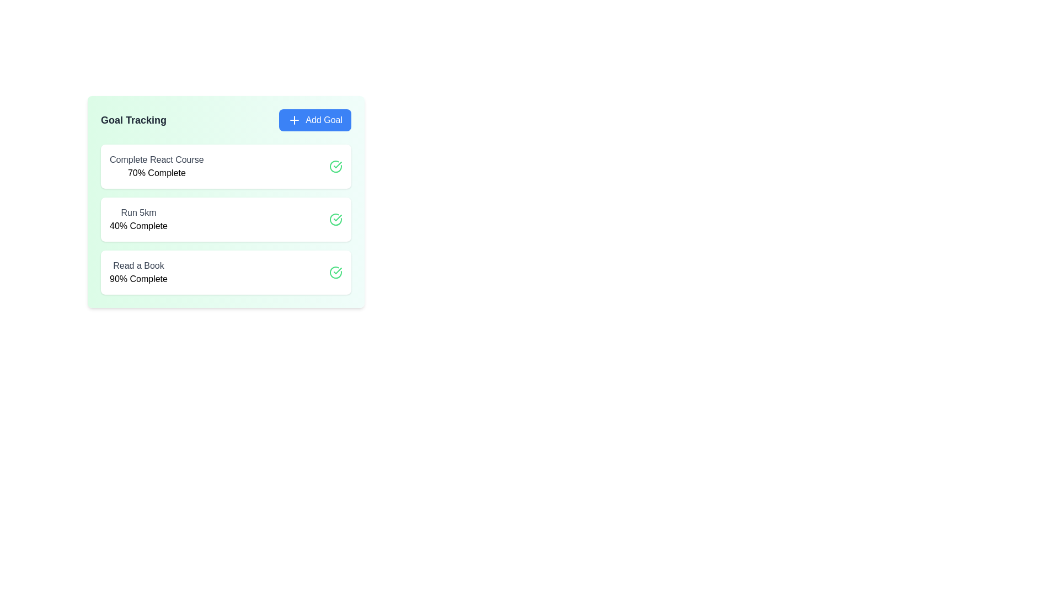 This screenshot has height=596, width=1059. What do you see at coordinates (337, 165) in the screenshot?
I see `the checkmark icon indicating the completion status of the task, located on the right side of the second item's card in a vertical list of task cards` at bounding box center [337, 165].